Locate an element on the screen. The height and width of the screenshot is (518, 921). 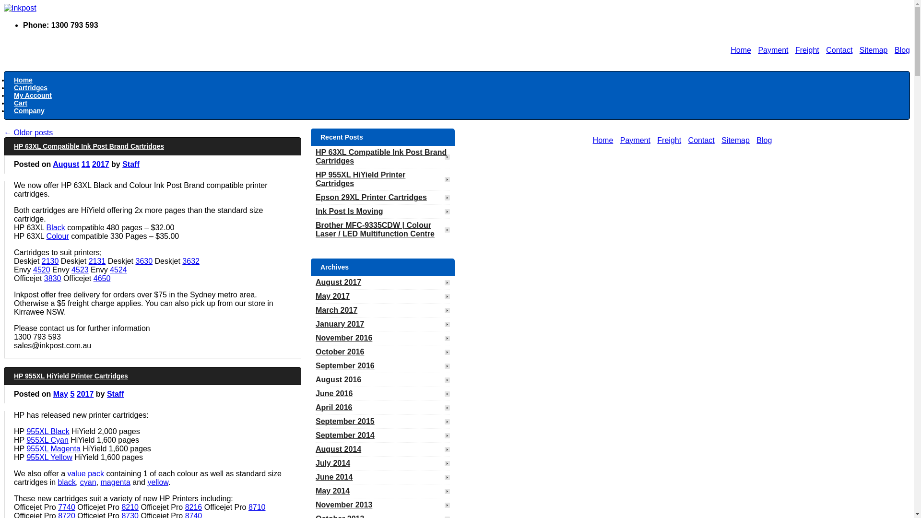
'8210' is located at coordinates (129, 506).